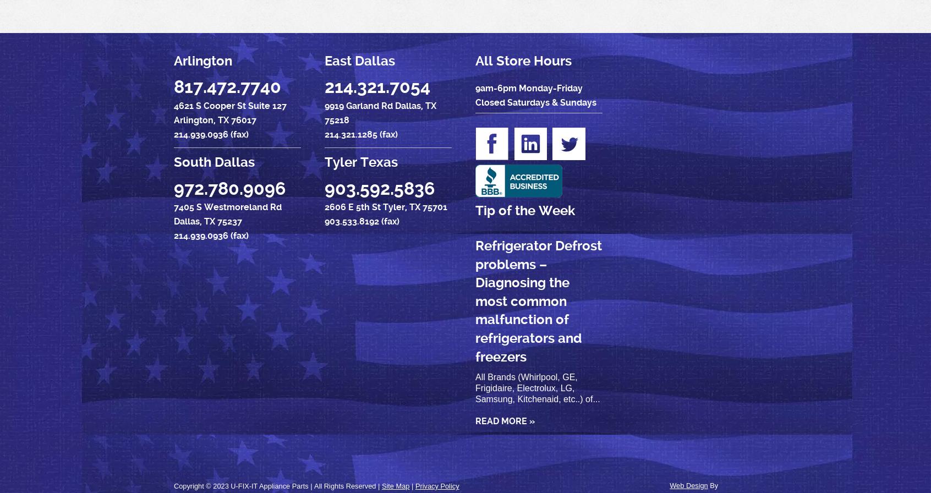 This screenshot has width=931, height=493. What do you see at coordinates (538, 301) in the screenshot?
I see `'Refrigerator Defrost problems – Diagnosing the most common malfunction of refrigerators and freezers'` at bounding box center [538, 301].